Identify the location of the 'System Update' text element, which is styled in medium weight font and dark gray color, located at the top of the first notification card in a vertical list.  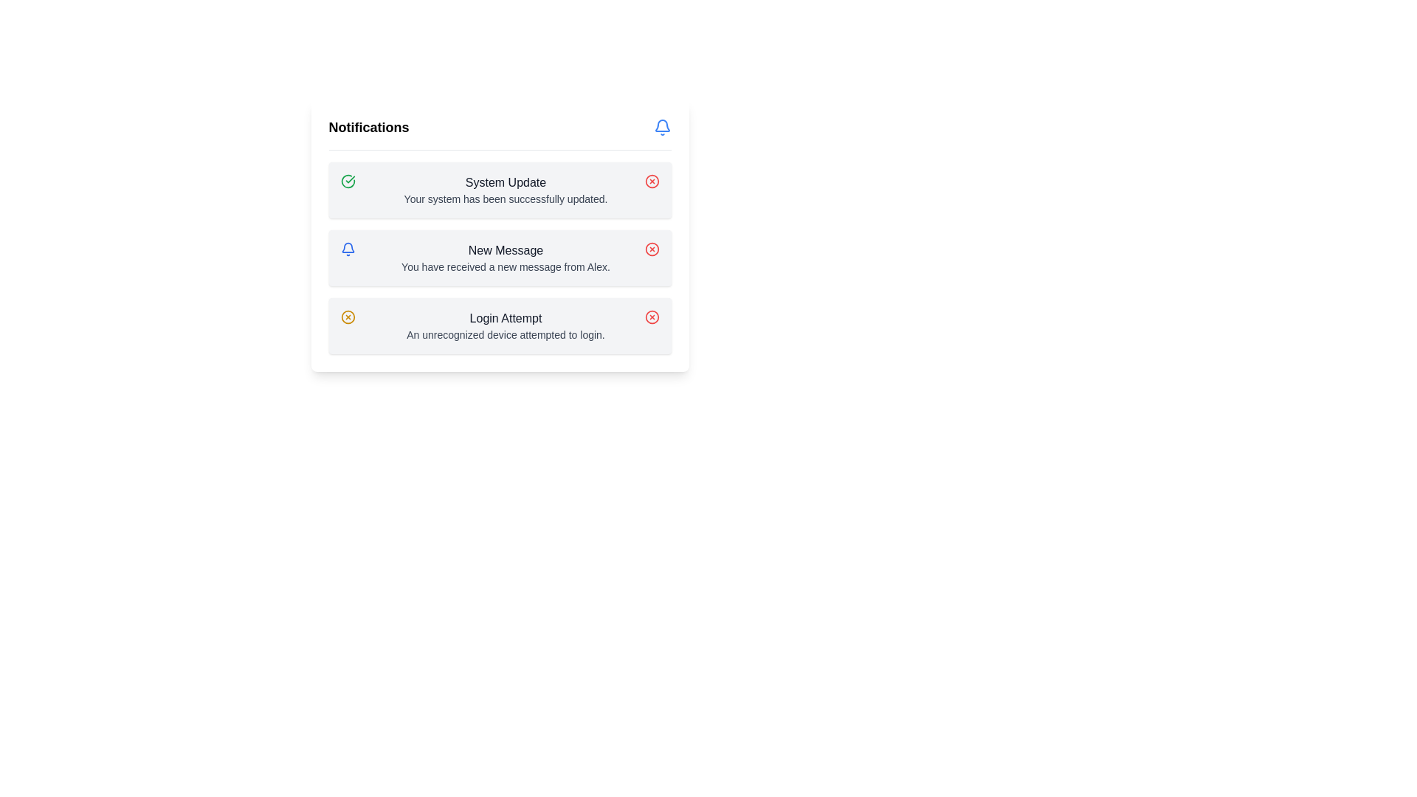
(506, 182).